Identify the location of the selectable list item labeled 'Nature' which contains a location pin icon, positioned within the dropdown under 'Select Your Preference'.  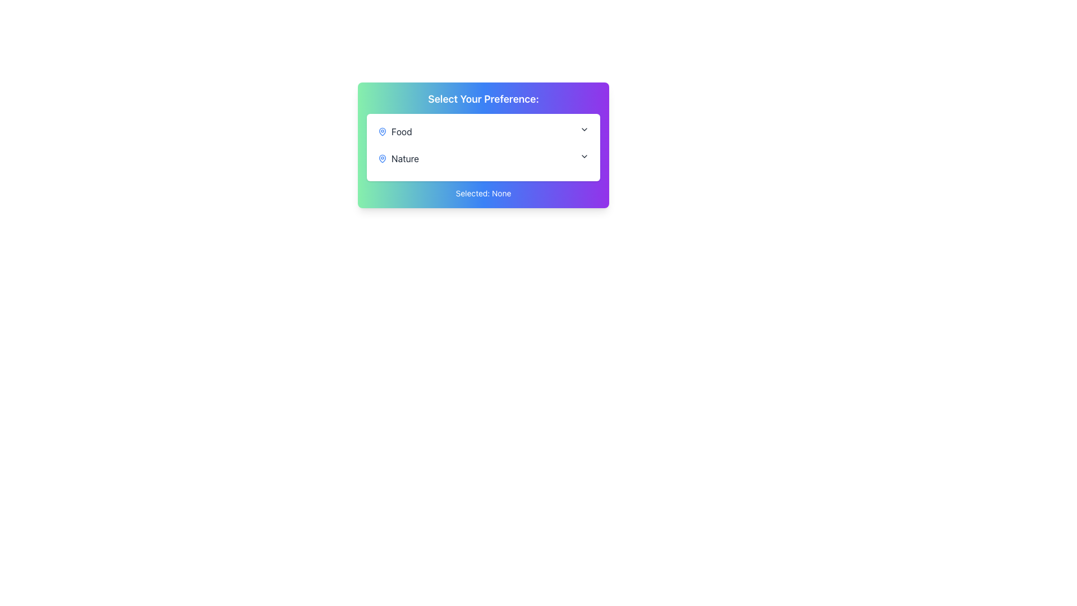
(398, 158).